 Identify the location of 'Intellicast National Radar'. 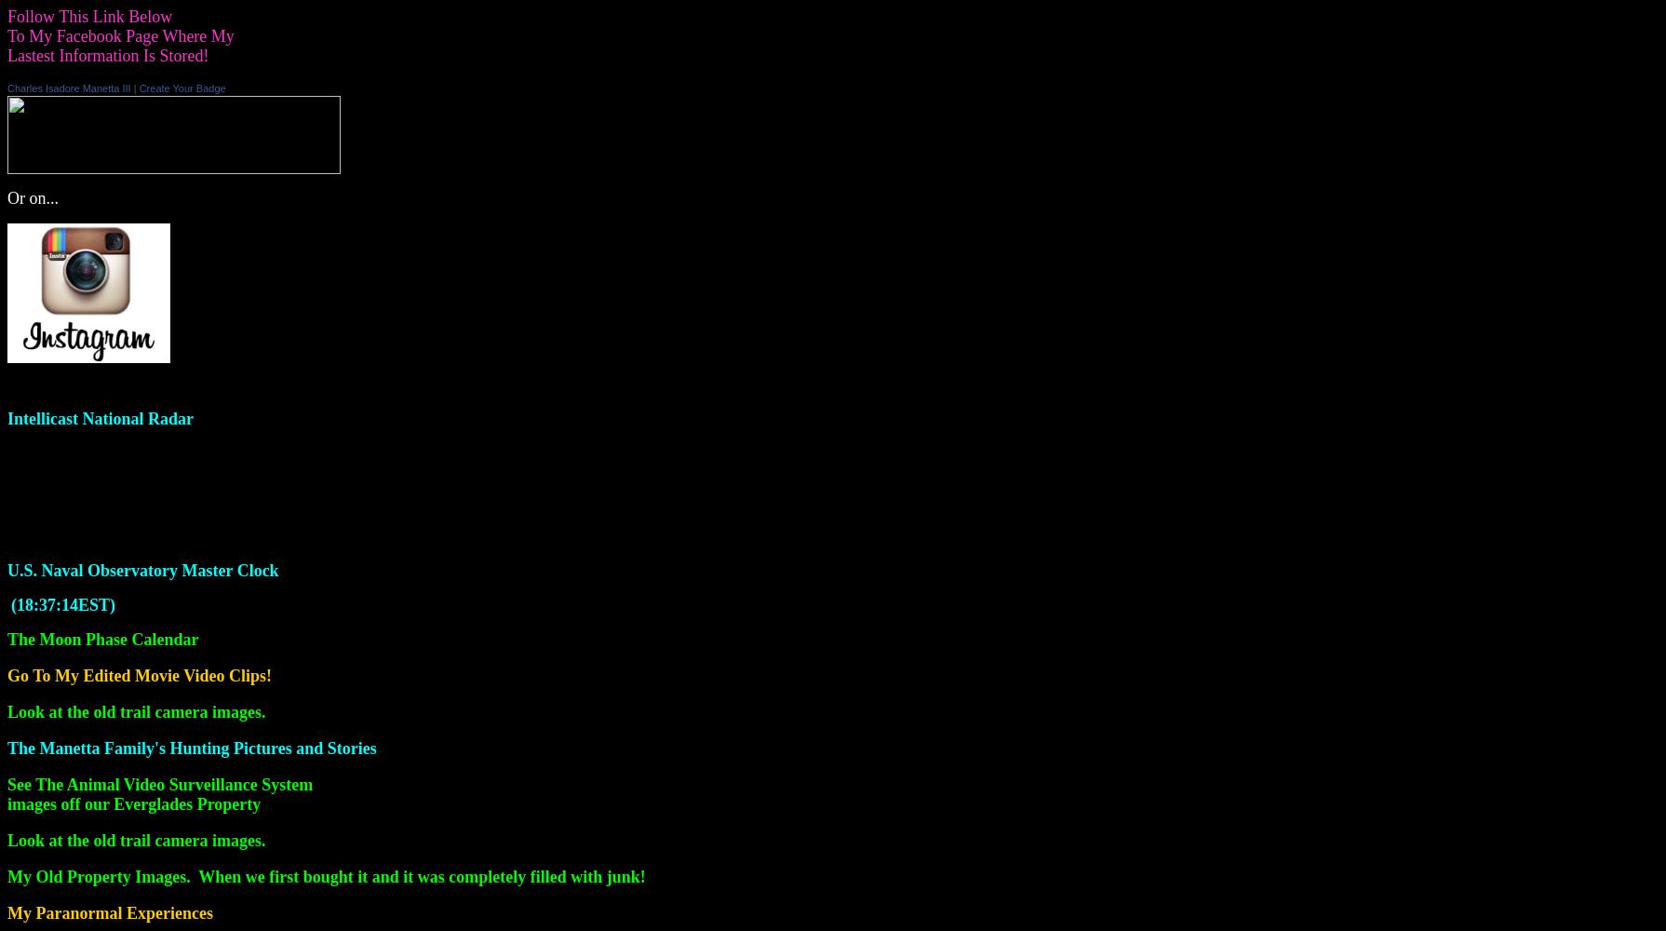
(100, 418).